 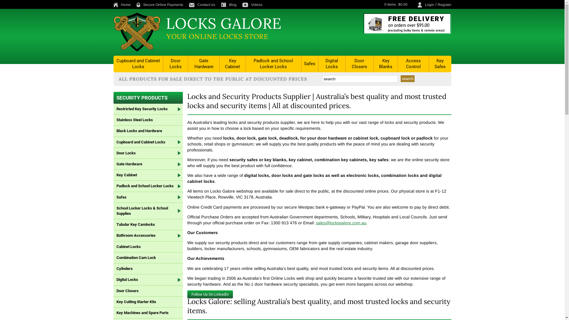 I want to click on 'Login', so click(x=429, y=4).